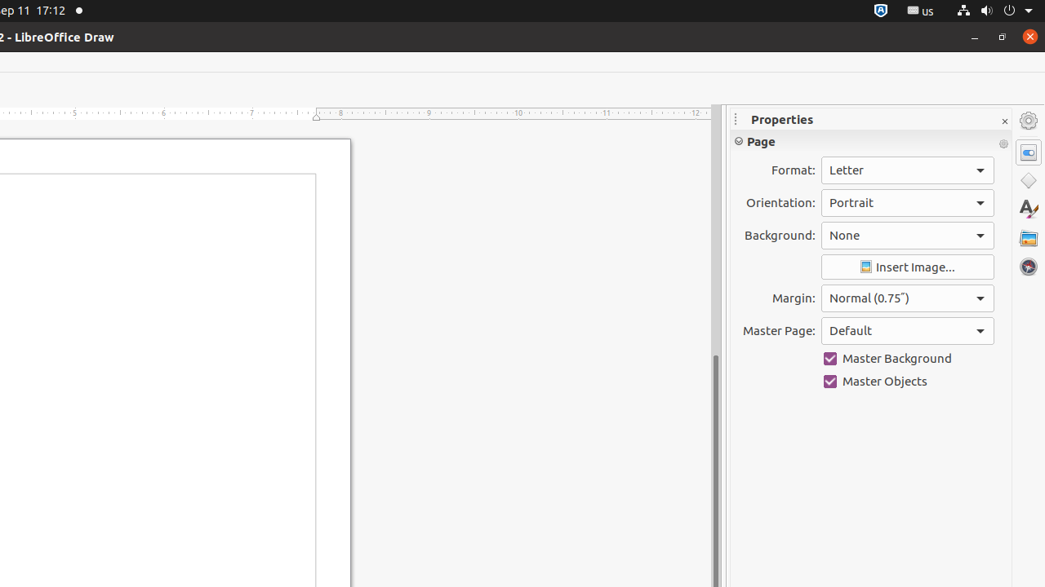 The width and height of the screenshot is (1045, 587). What do you see at coordinates (906, 298) in the screenshot?
I see `'Margin:'` at bounding box center [906, 298].